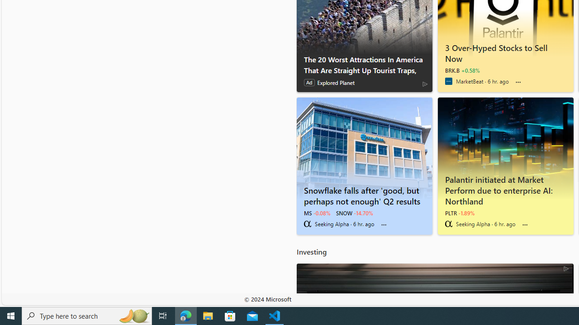 This screenshot has height=325, width=579. What do you see at coordinates (460, 213) in the screenshot?
I see `'PLTR -1.89%'` at bounding box center [460, 213].